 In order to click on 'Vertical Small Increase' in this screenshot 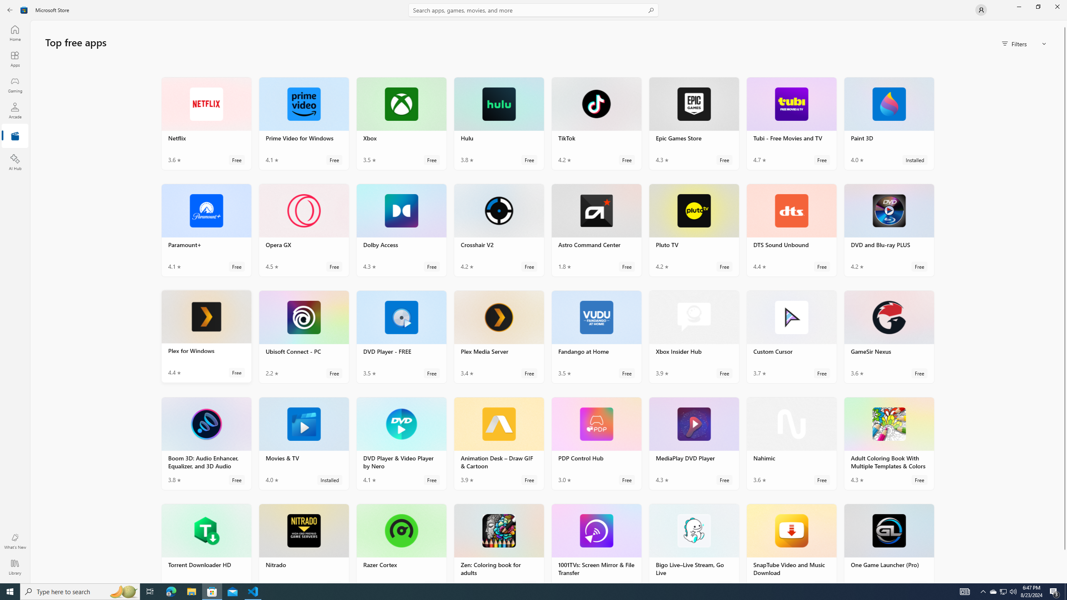, I will do `click(1064, 580)`.